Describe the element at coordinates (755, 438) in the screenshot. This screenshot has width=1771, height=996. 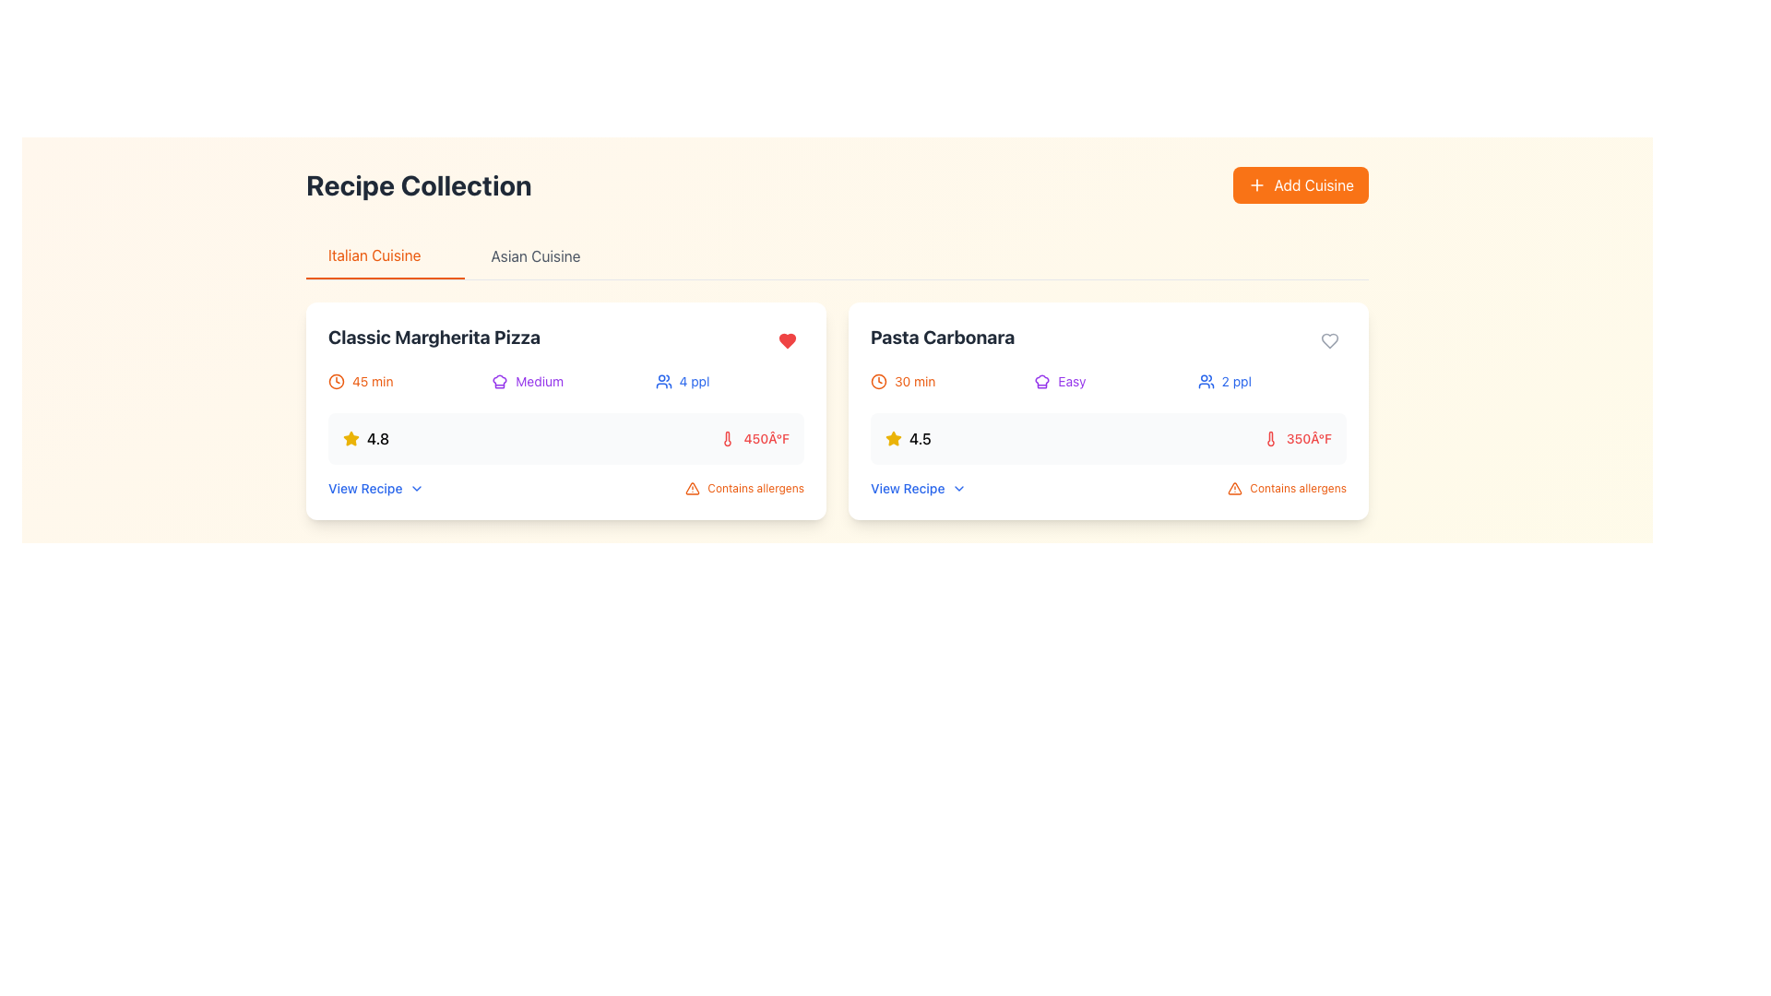
I see `the Temperature indicator displaying the temperature level for the 'Classic Margherita Pizza' recipe, located in the details section near the bottom-right corner` at that location.